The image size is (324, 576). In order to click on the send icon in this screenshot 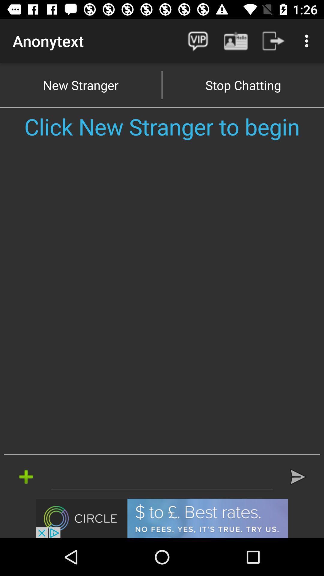, I will do `click(298, 476)`.